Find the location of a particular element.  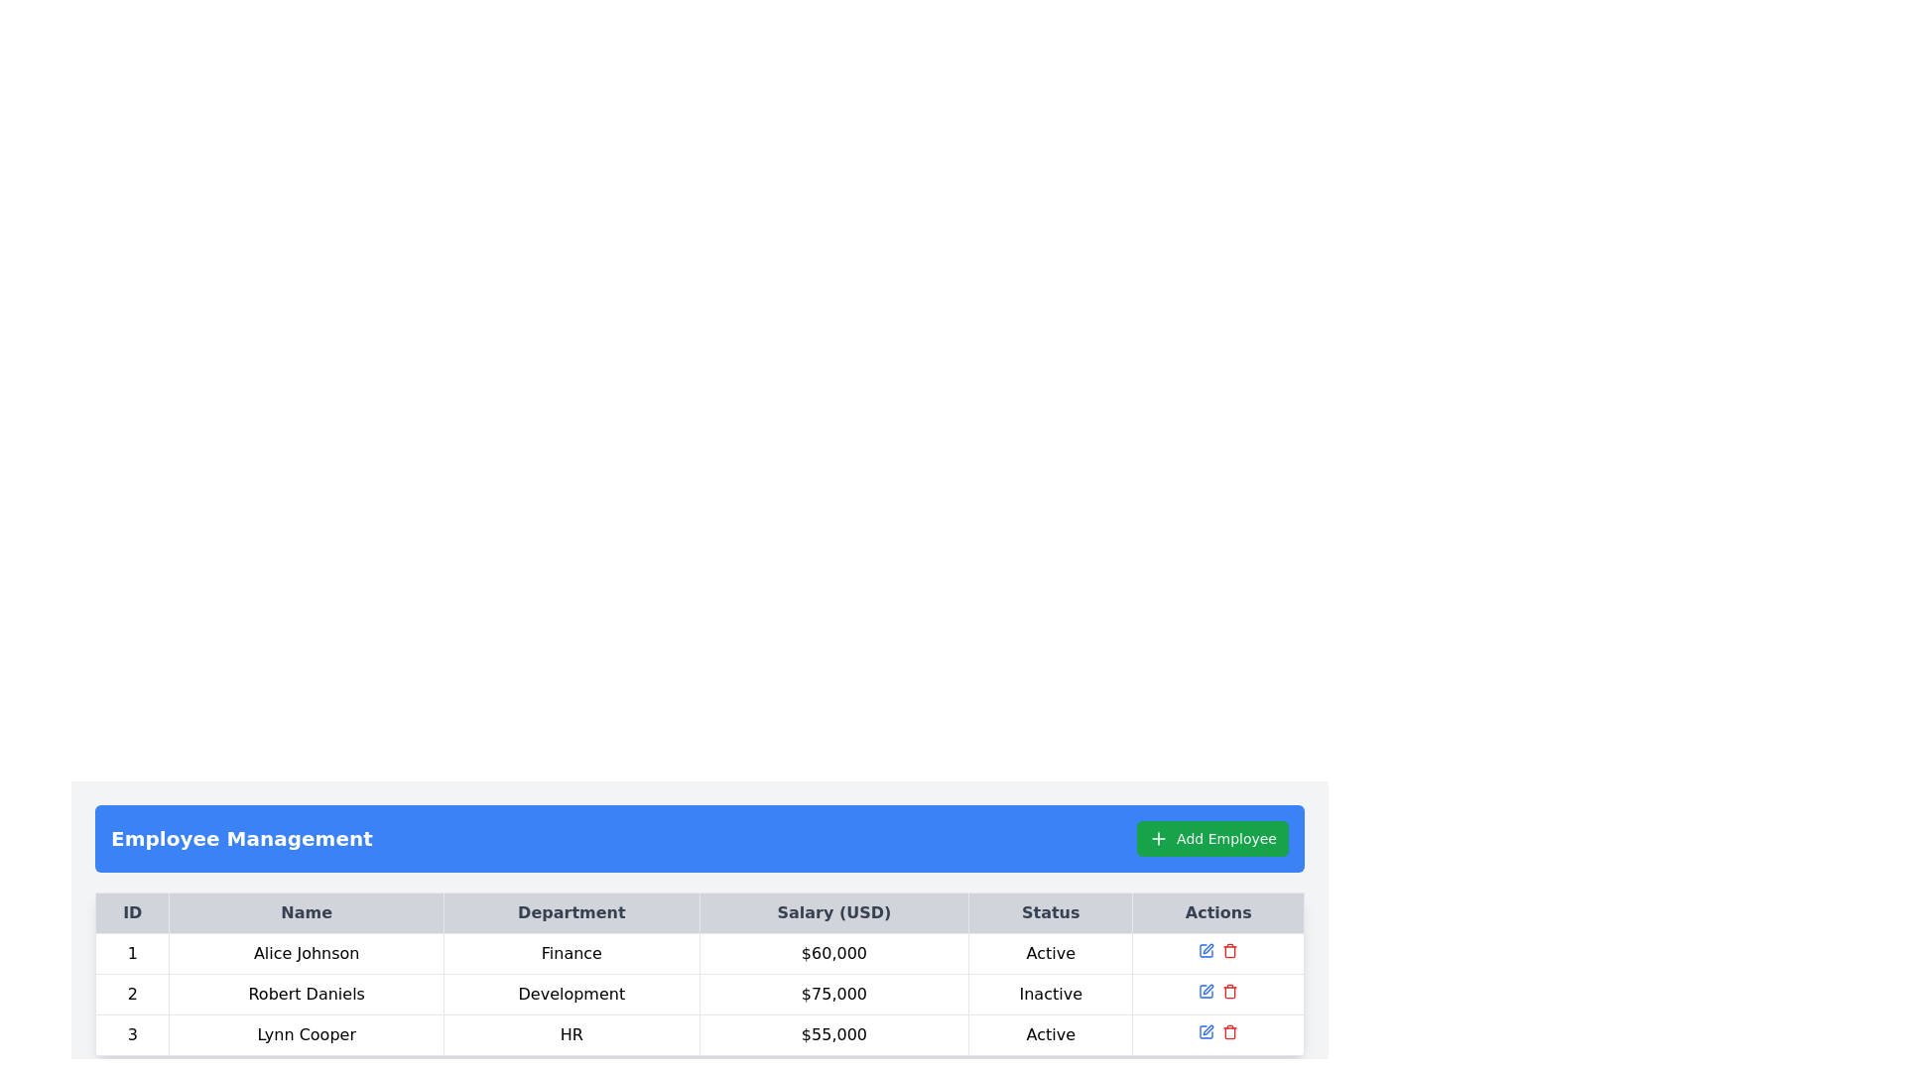

the text cell displaying 'Lynn Cooper' in the 'Name' column of the third row of the table for additional information is located at coordinates (306, 1034).